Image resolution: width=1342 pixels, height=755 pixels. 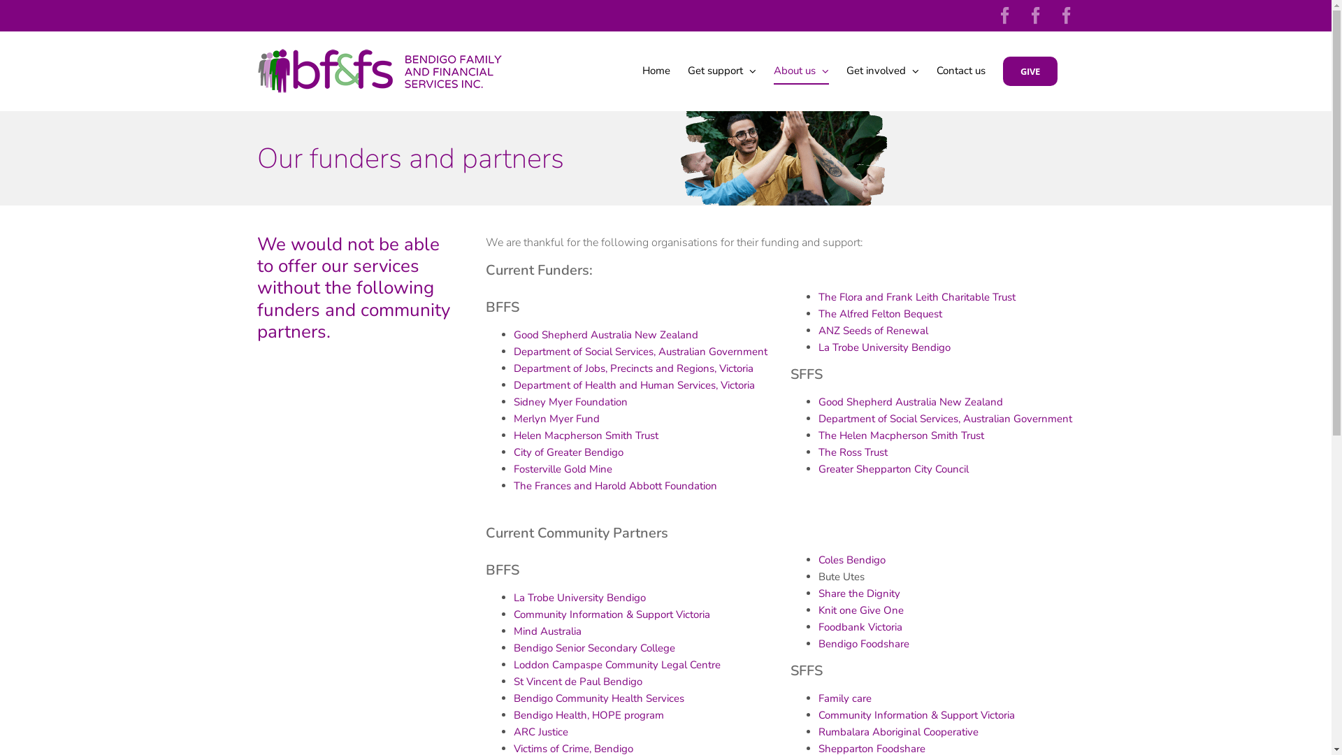 What do you see at coordinates (570, 401) in the screenshot?
I see `'Sidney Myer Foundation'` at bounding box center [570, 401].